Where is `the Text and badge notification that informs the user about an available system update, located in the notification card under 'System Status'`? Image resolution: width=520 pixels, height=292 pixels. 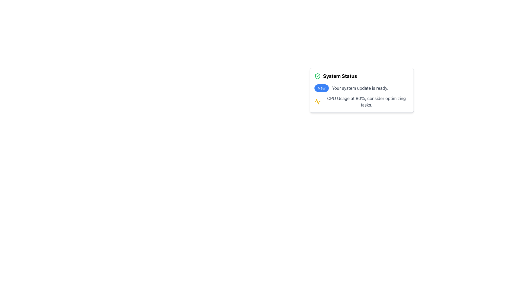 the Text and badge notification that informs the user about an available system update, located in the notification card under 'System Status' is located at coordinates (362, 88).